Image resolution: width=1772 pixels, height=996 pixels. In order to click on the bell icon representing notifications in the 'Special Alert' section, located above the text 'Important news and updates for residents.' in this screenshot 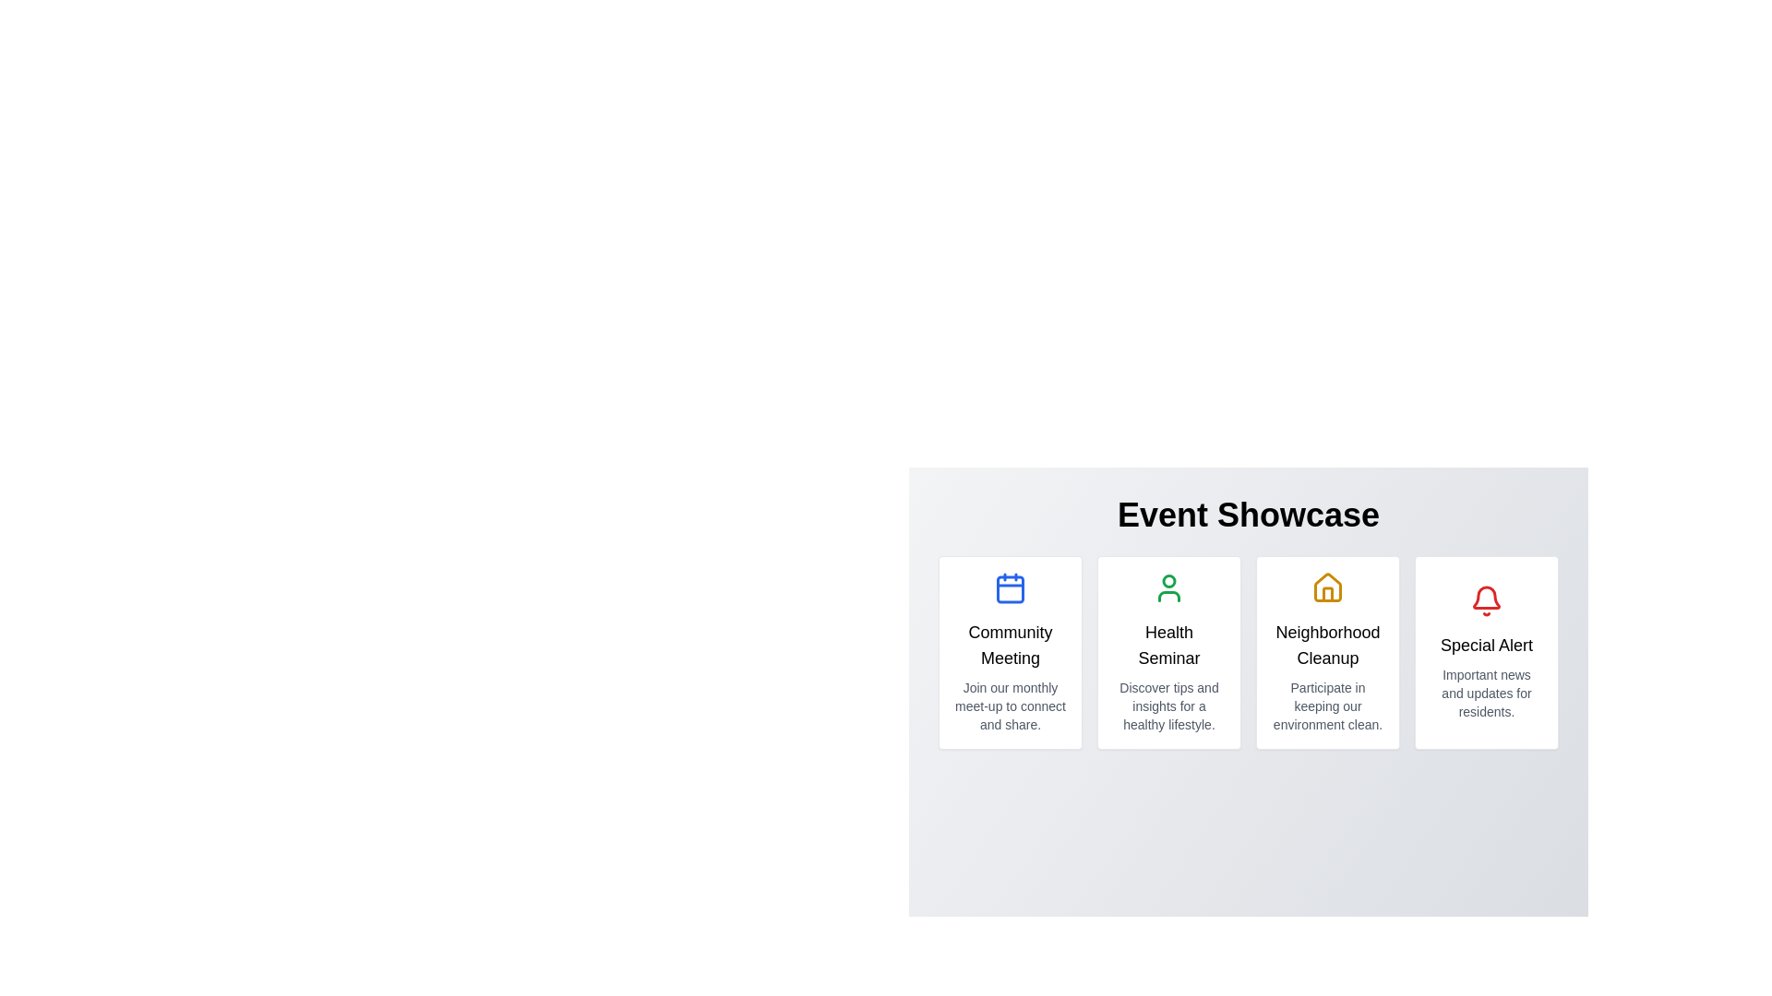, I will do `click(1487, 600)`.